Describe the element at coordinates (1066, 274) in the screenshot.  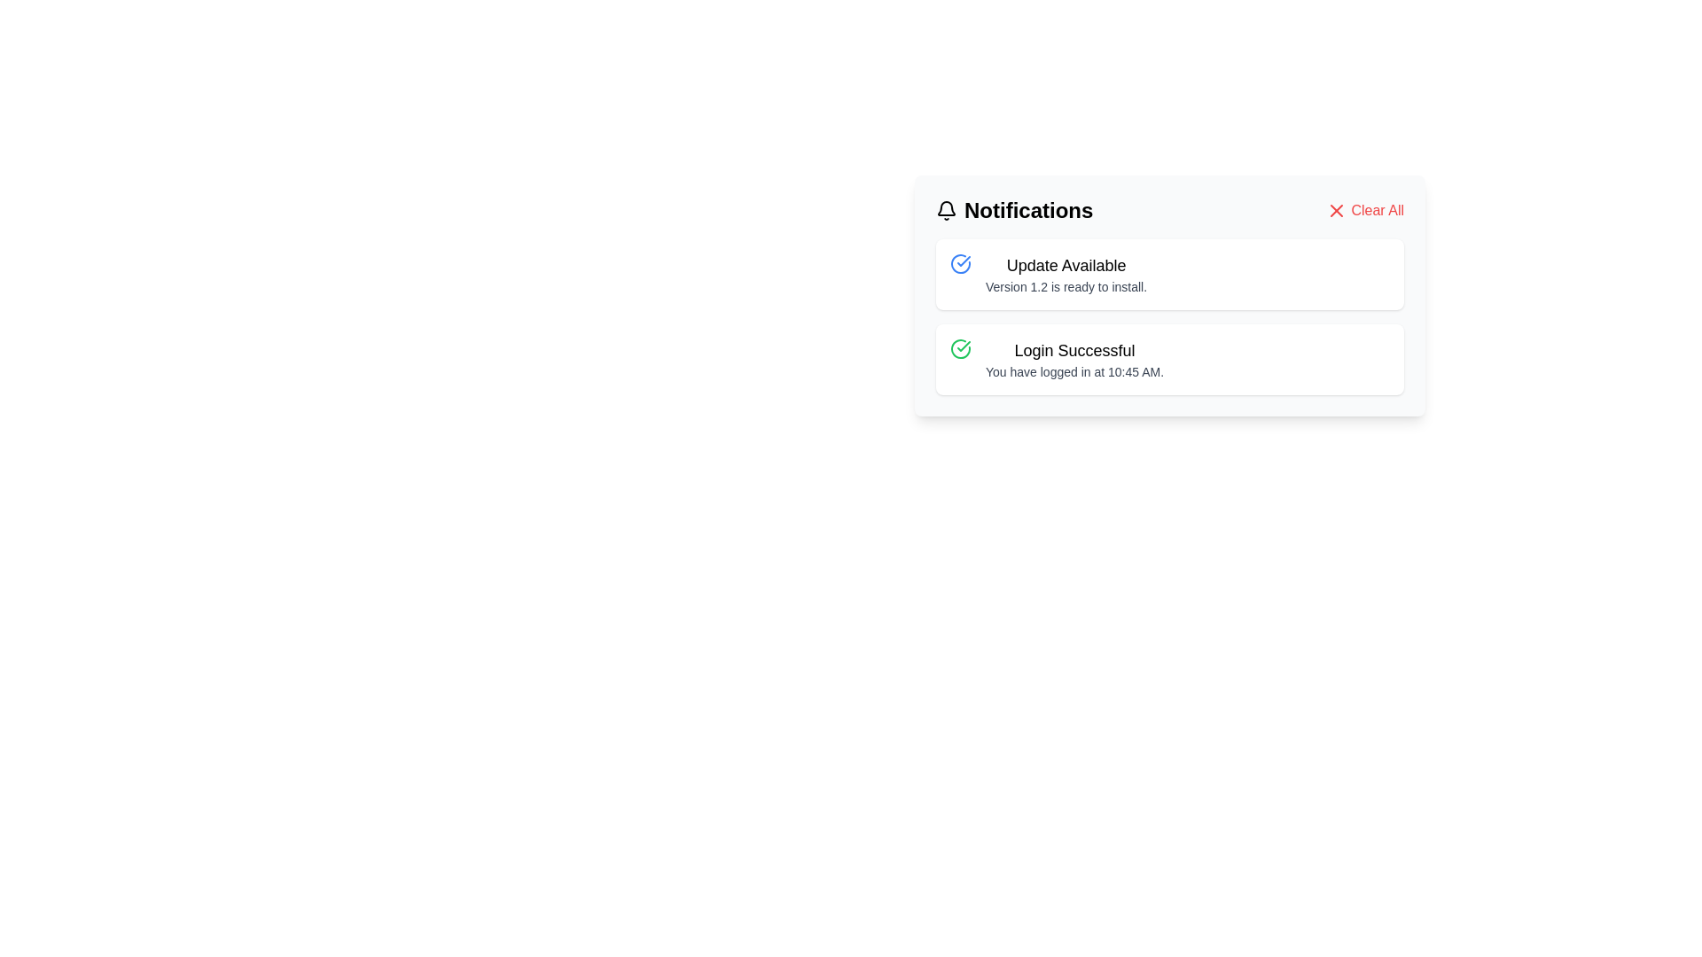
I see `informational message about the availability of the update, Version 1.2, displayed in the first notification card of the notifications panel` at that location.